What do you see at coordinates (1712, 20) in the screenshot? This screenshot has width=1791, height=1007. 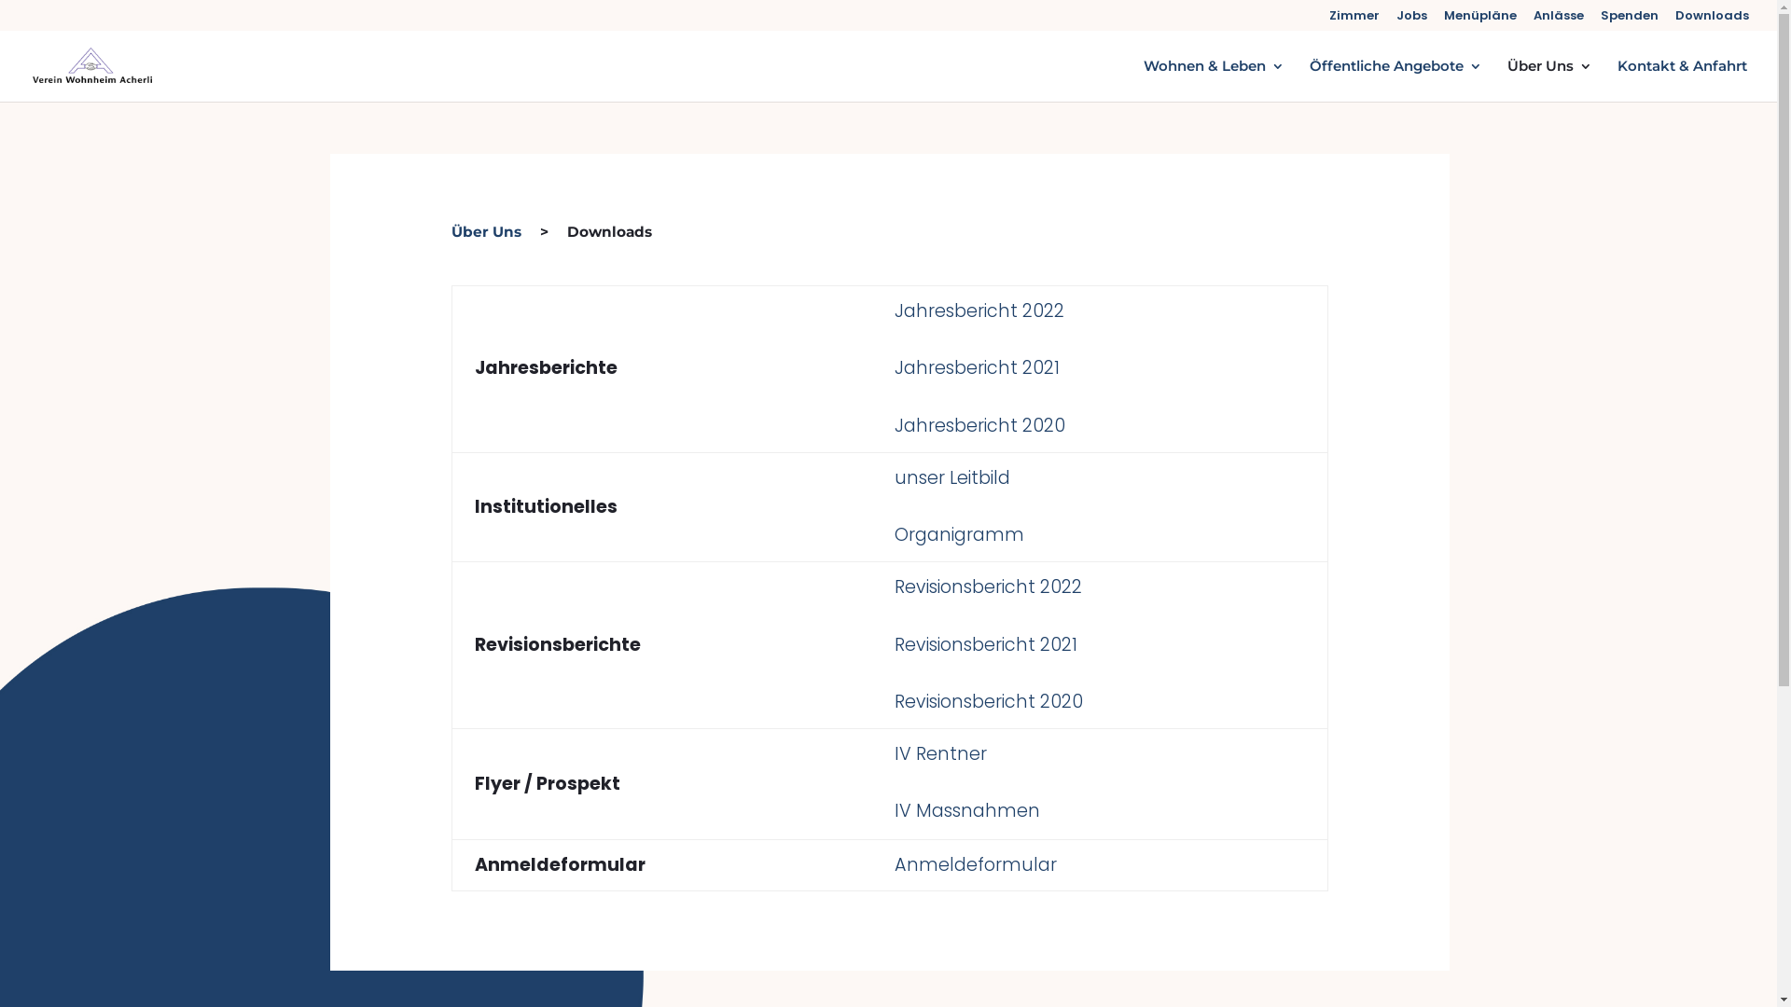 I see `'Downloads'` at bounding box center [1712, 20].